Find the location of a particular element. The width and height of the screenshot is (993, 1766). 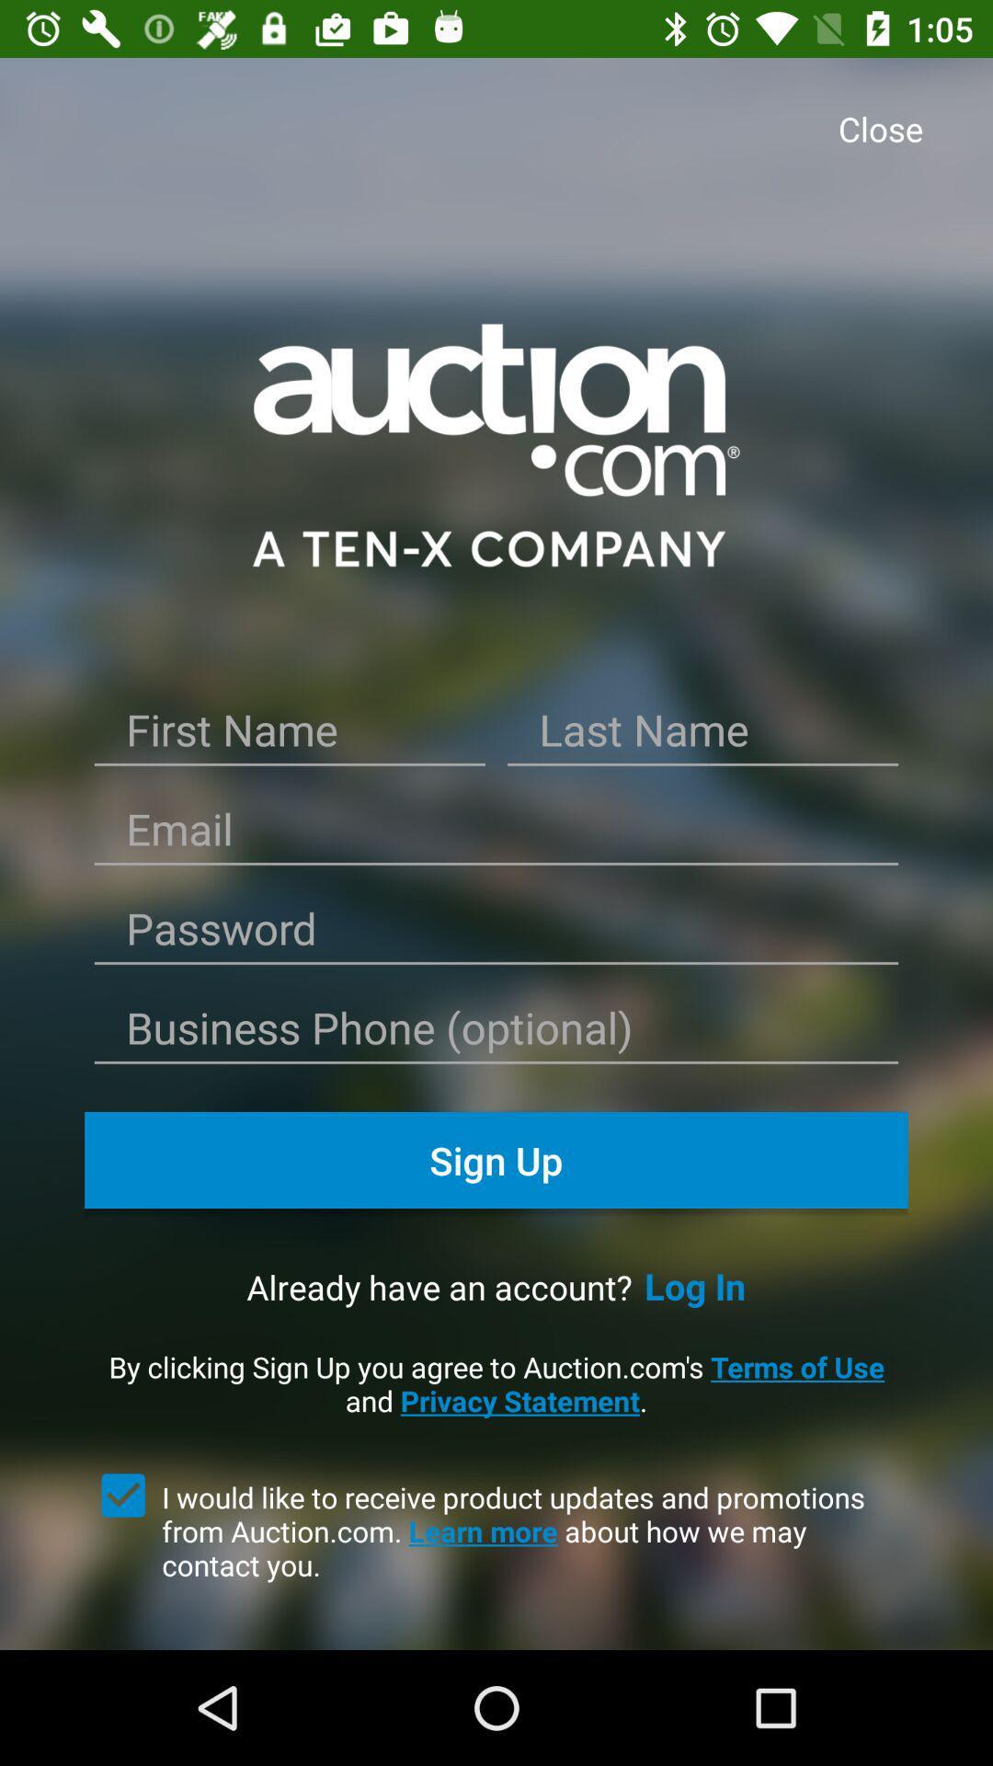

log in item is located at coordinates (695, 1285).